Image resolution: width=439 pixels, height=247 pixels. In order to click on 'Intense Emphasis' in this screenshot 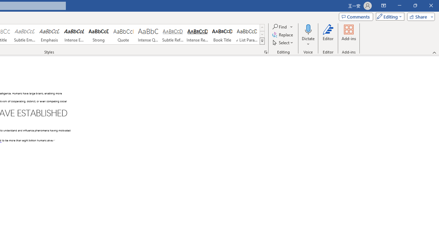, I will do `click(74, 34)`.